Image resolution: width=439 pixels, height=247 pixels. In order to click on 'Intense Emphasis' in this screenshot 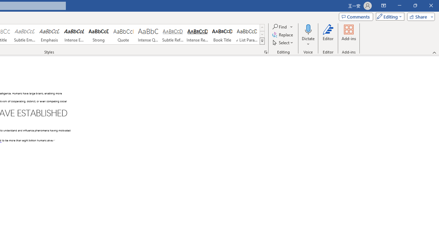, I will do `click(74, 34)`.